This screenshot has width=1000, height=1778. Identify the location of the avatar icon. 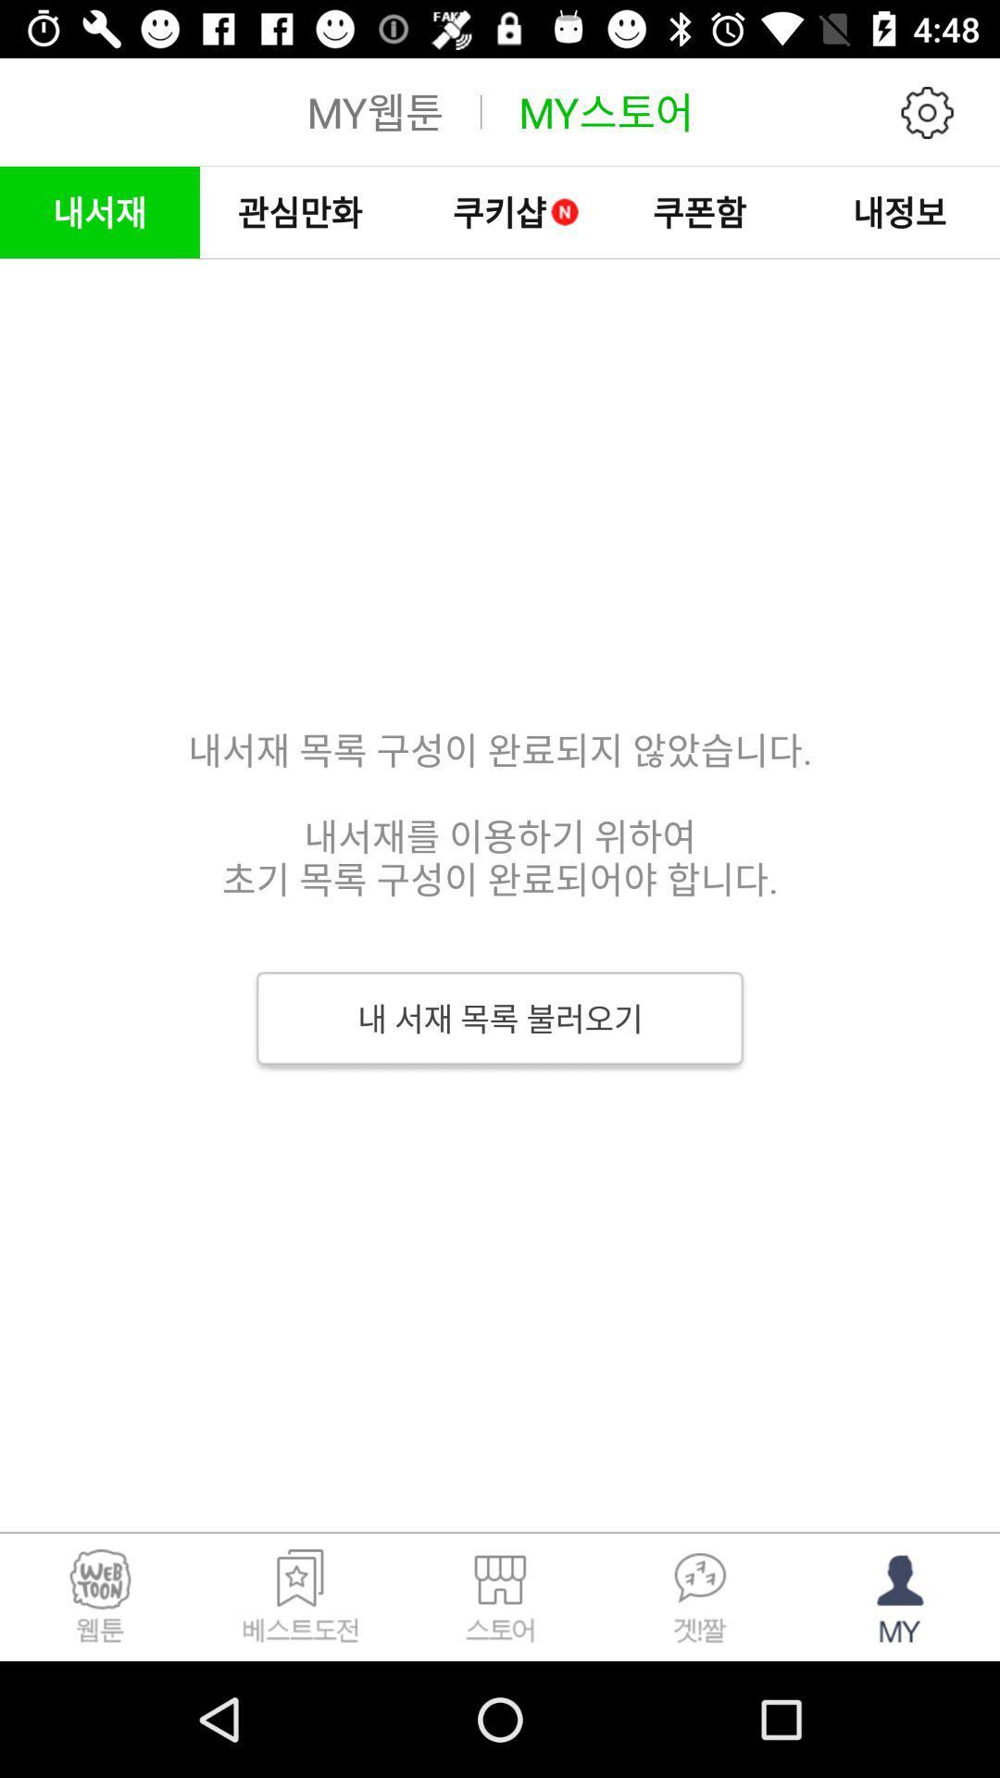
(899, 1596).